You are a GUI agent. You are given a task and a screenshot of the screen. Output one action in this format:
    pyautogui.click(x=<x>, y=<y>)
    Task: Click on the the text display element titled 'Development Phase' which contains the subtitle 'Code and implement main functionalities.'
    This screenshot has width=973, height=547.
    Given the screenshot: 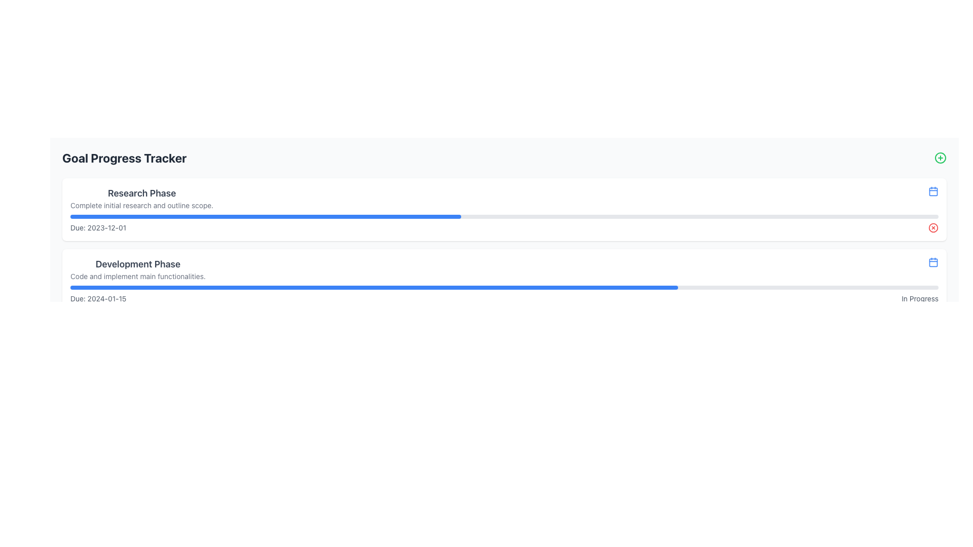 What is the action you would take?
    pyautogui.click(x=137, y=269)
    